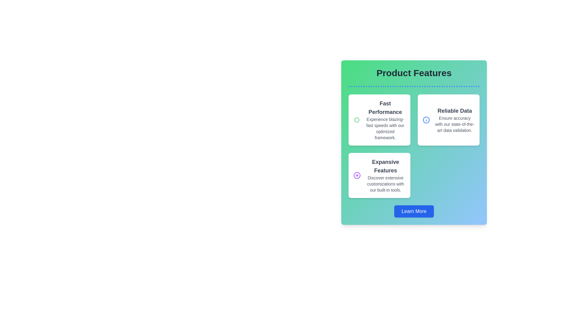 The image size is (585, 329). Describe the element at coordinates (357, 175) in the screenshot. I see `the purple-bordered circular icon with a plus symbol in its center` at that location.